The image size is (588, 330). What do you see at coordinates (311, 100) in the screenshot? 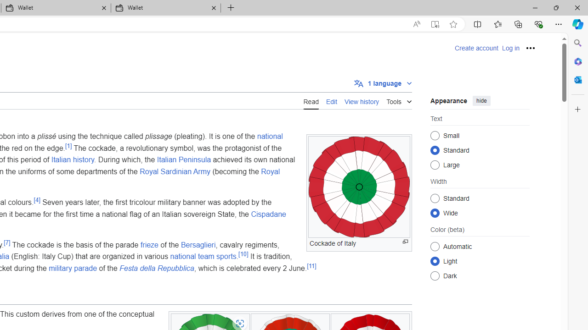
I see `'Read'` at bounding box center [311, 100].